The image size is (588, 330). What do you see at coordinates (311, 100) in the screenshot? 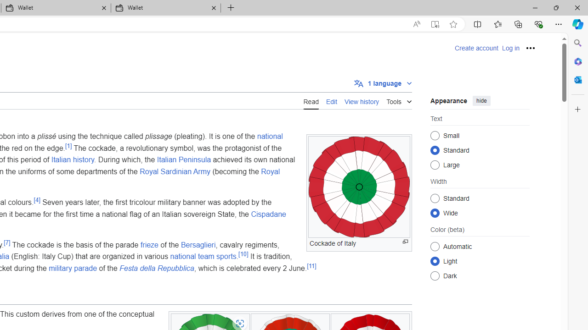
I see `'Read'` at bounding box center [311, 100].